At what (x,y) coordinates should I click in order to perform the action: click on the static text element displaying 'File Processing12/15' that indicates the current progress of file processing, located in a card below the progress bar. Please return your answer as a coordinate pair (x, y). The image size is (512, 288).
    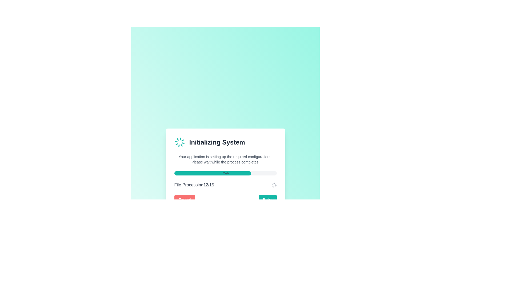
    Looking at the image, I should click on (194, 185).